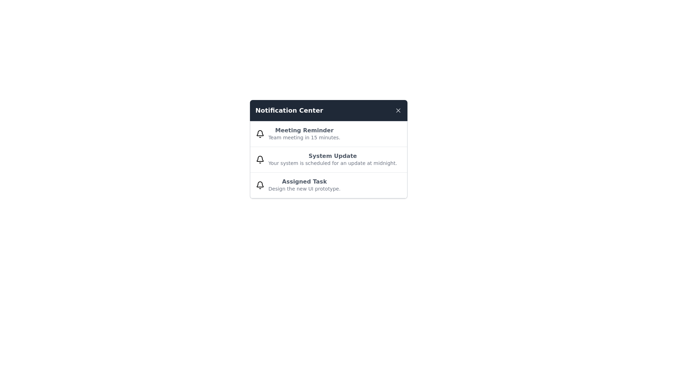  What do you see at coordinates (328, 160) in the screenshot?
I see `the second notification item in the vertical notification list, which displays a bell icon on the left with the title 'System Update' and description 'Your system is scheduled for an update at midnight.'` at bounding box center [328, 160].